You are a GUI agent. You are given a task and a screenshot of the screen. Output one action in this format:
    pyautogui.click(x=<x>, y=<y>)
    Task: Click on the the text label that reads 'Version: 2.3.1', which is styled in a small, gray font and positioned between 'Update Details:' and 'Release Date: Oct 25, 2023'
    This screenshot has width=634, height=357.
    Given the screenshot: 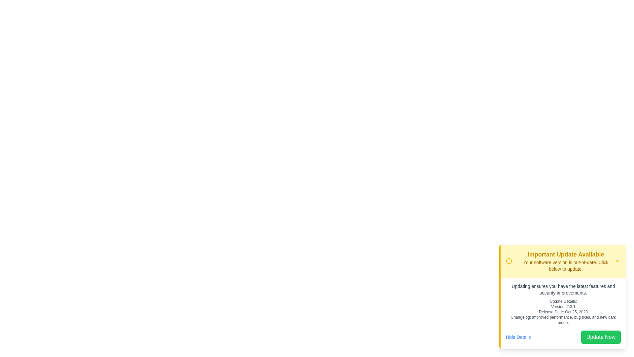 What is the action you would take?
    pyautogui.click(x=563, y=307)
    